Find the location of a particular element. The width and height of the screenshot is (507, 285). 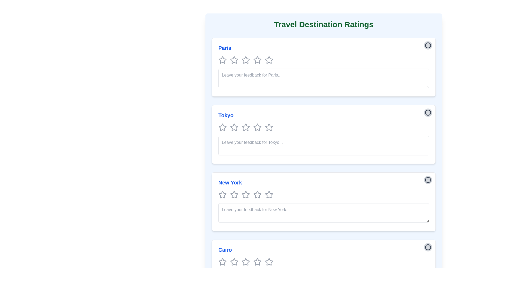

the rating widget composed of star icons located beneath the title 'Paris' is located at coordinates (323, 60).